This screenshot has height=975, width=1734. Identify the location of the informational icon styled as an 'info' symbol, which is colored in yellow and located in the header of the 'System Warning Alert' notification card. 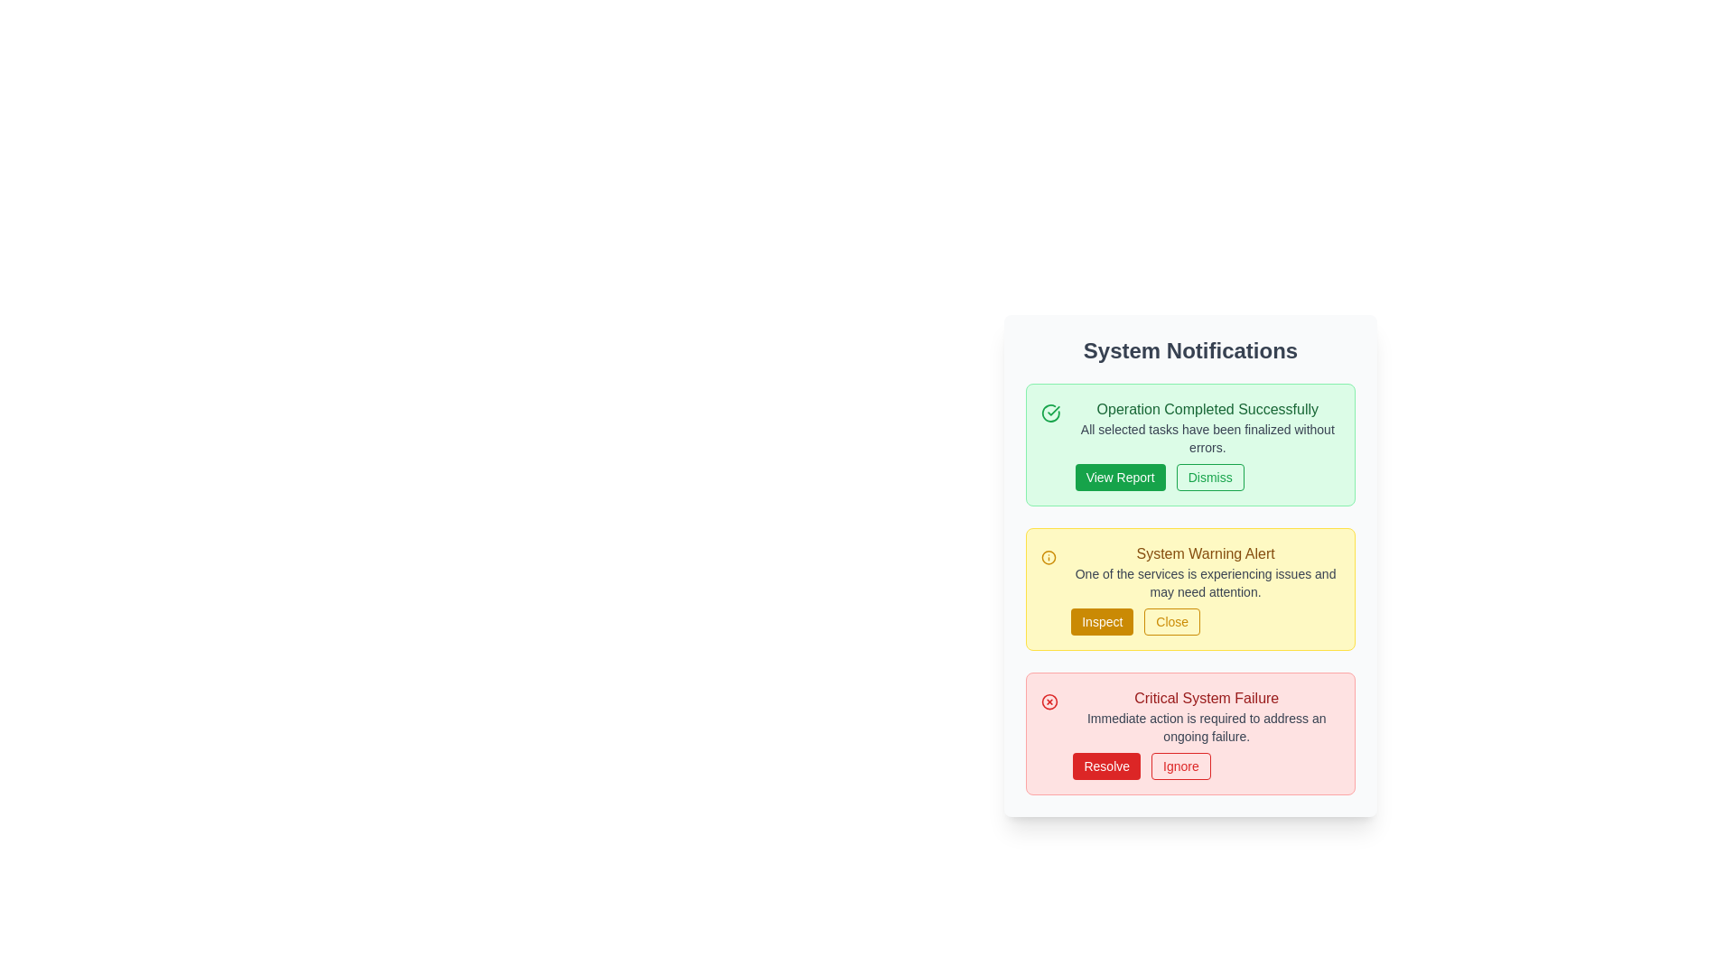
(1049, 556).